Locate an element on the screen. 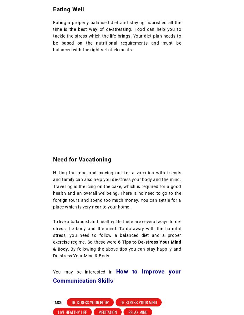 This screenshot has width=244, height=315. 'You may be interested in' is located at coordinates (84, 271).